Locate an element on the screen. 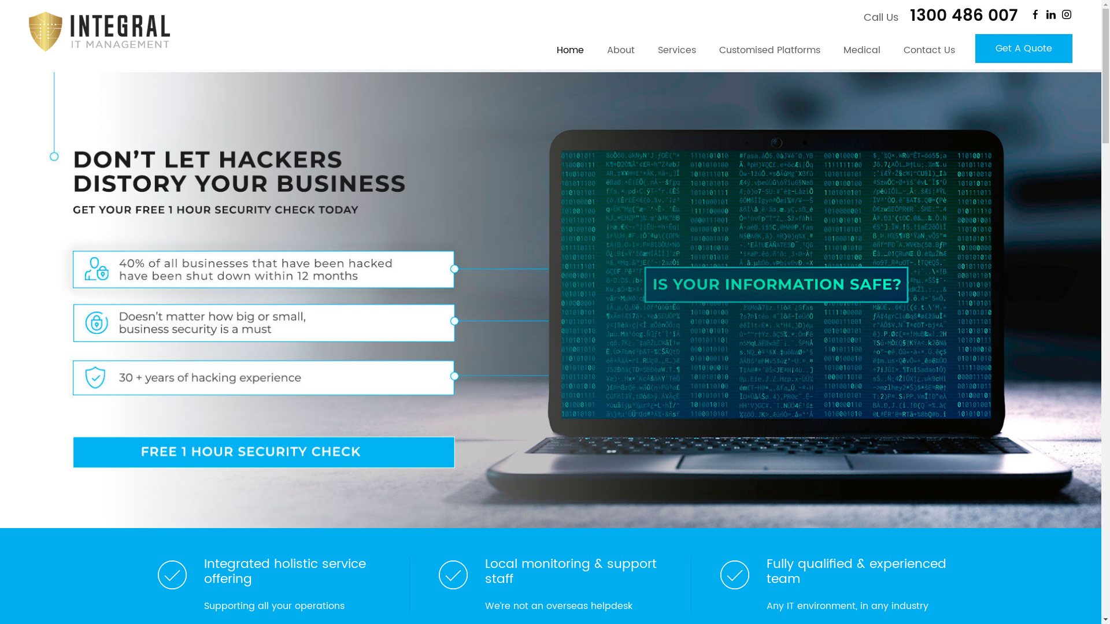 This screenshot has width=1110, height=624. 'Linkedin' is located at coordinates (1051, 14).